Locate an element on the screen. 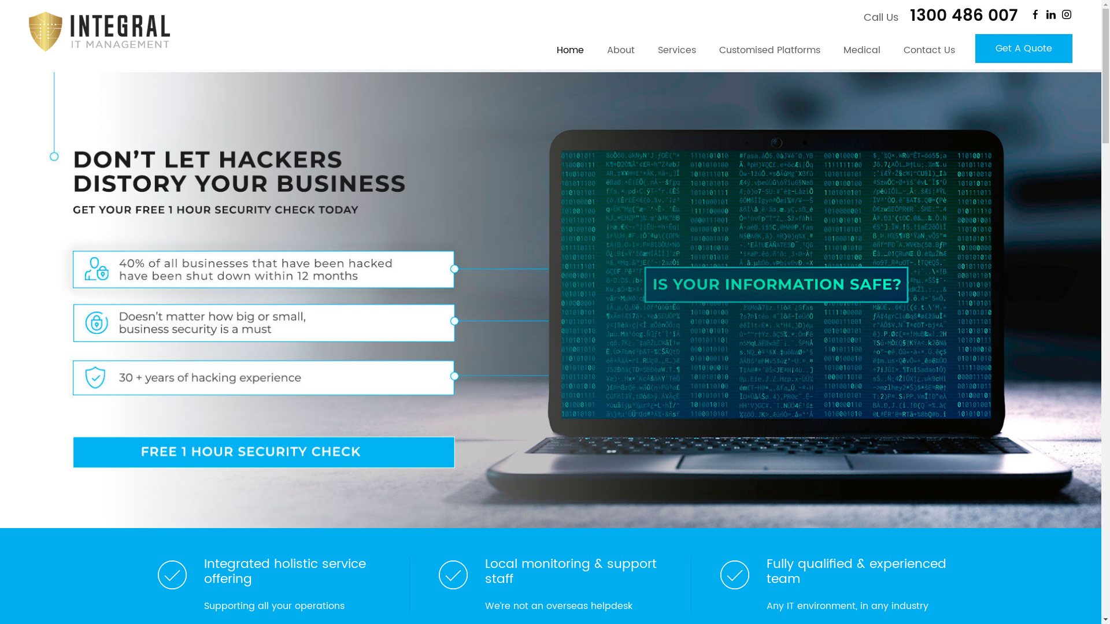 This screenshot has width=1110, height=624. 'Linkedin' is located at coordinates (1051, 14).